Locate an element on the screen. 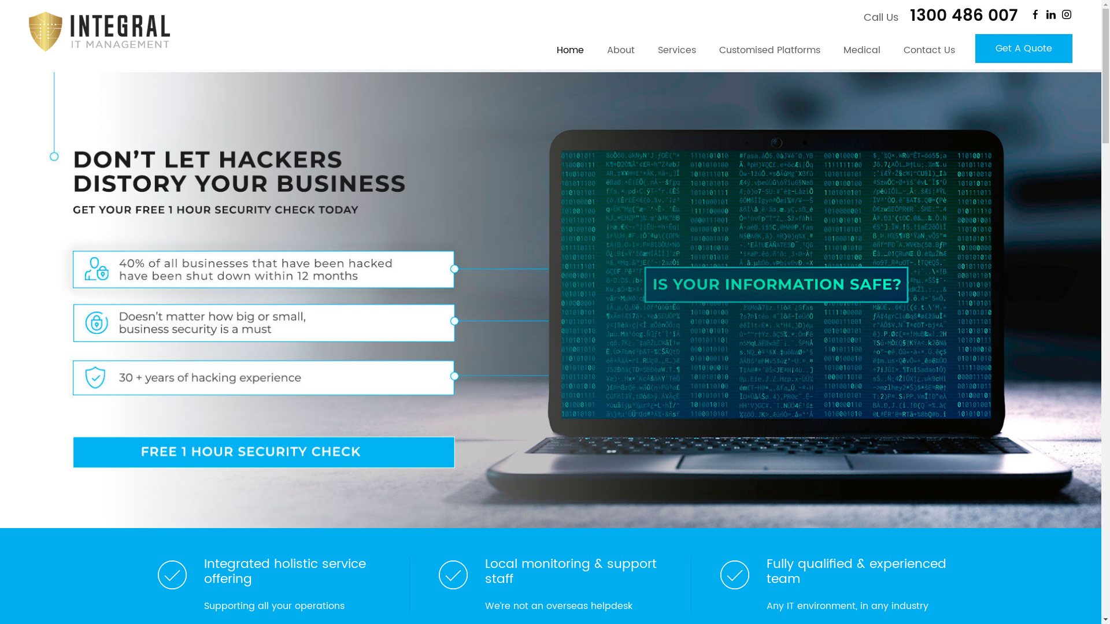 This screenshot has width=1110, height=624. 'Linkedin' is located at coordinates (1051, 14).